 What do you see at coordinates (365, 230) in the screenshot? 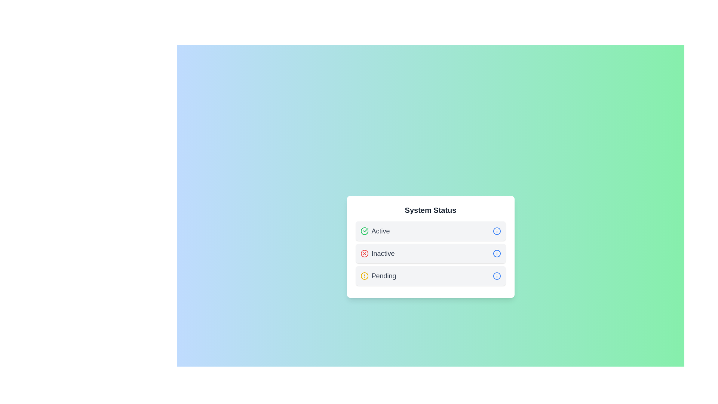
I see `details of the green checkmark icon indicating 'Active' status in the 'System Status' panel, which is styled as a scalable vector graphic (SVG)` at bounding box center [365, 230].